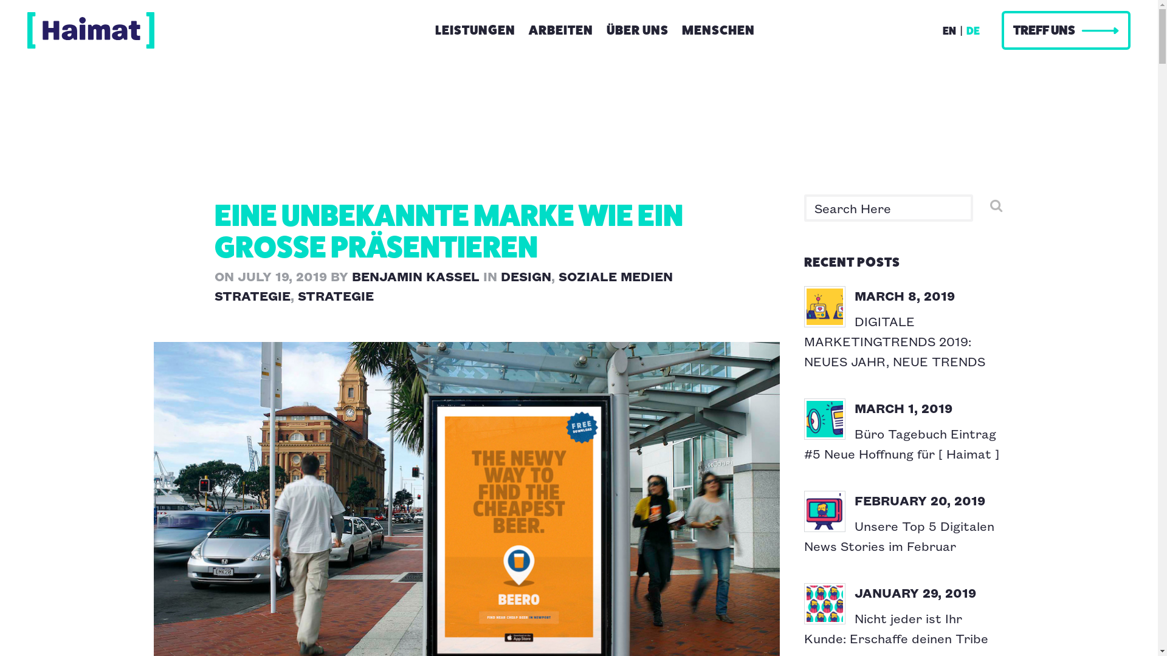  What do you see at coordinates (893, 341) in the screenshot?
I see `'DIGITALE MARKETINGTRENDS 2019: NEUES JAHR, NEUE TRENDS'` at bounding box center [893, 341].